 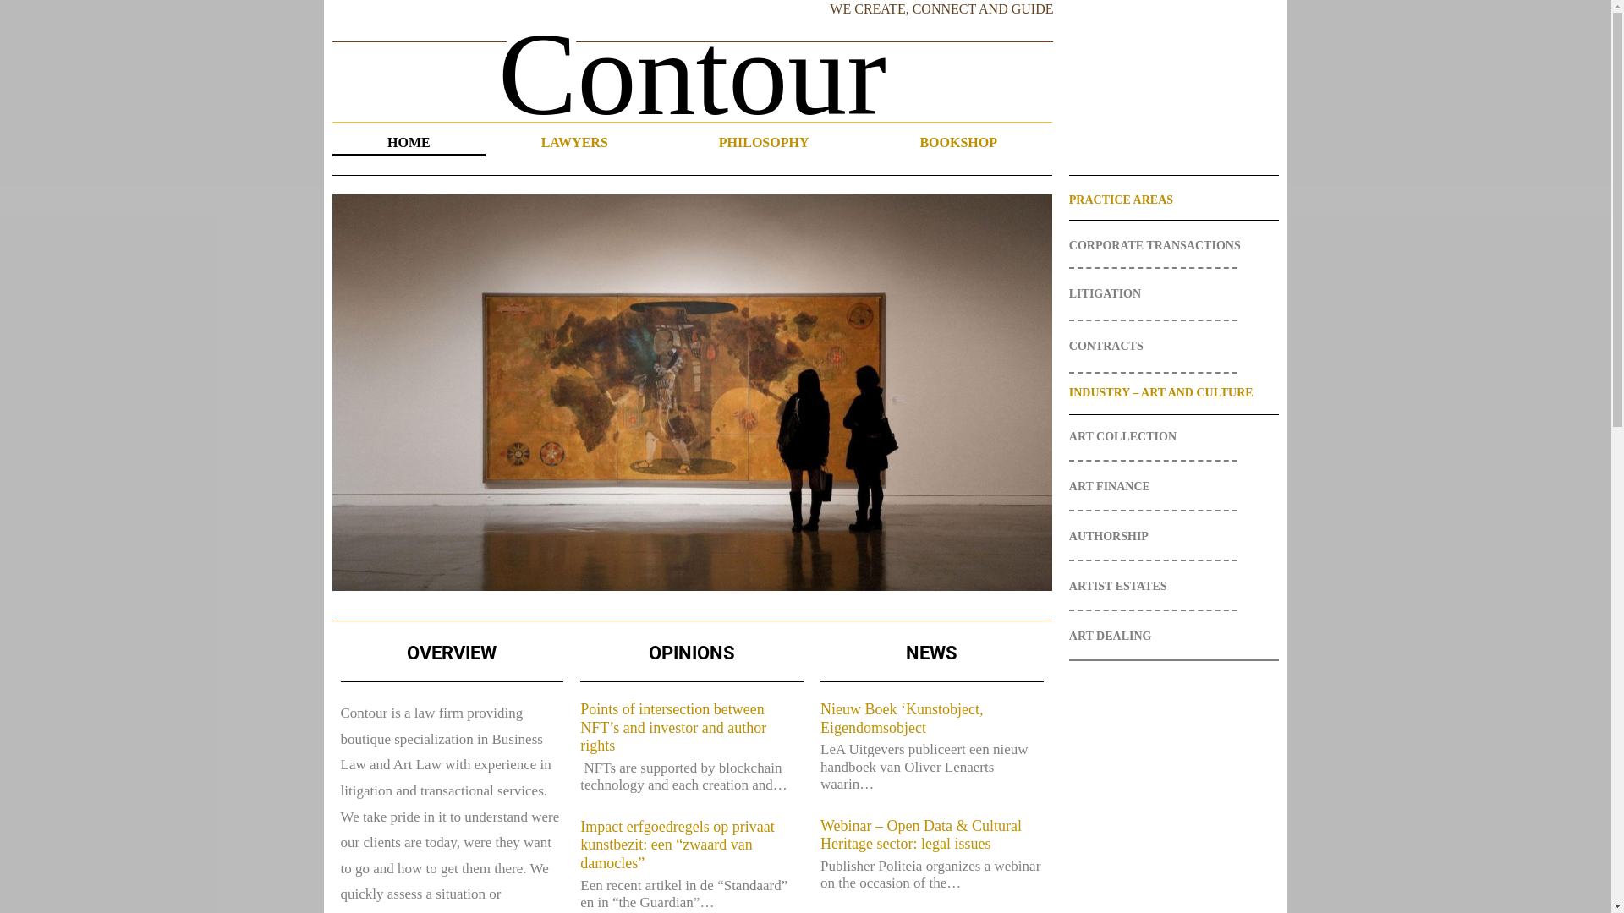 I want to click on 'CORPORATE TRANSACTIONS', so click(x=1067, y=245).